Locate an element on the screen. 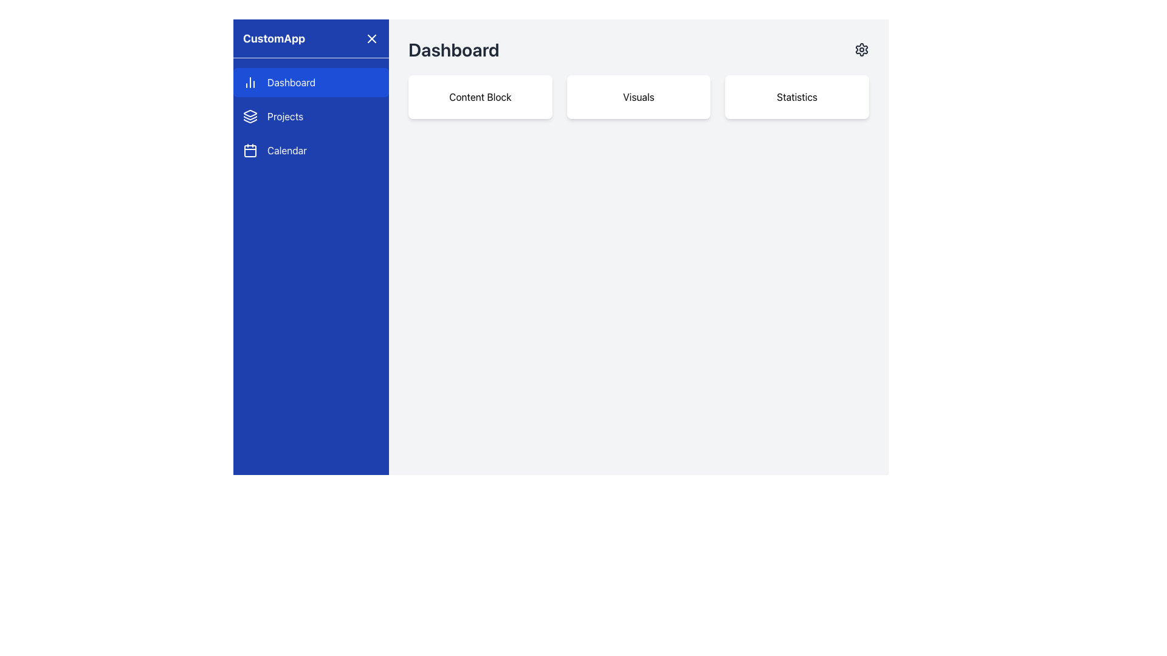 Image resolution: width=1167 pixels, height=656 pixels. the stack-shaped icon with three stacked layers, styled with sharp corners, a white fill, and a thin blue outline, located next to the 'Projects' label in the vertical navigation sidebar is located at coordinates (250, 117).